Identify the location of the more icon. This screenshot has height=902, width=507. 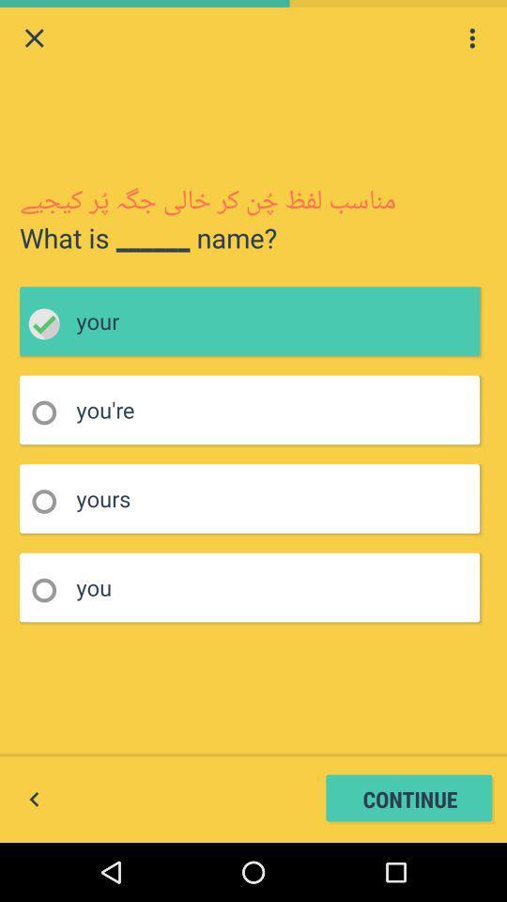
(471, 39).